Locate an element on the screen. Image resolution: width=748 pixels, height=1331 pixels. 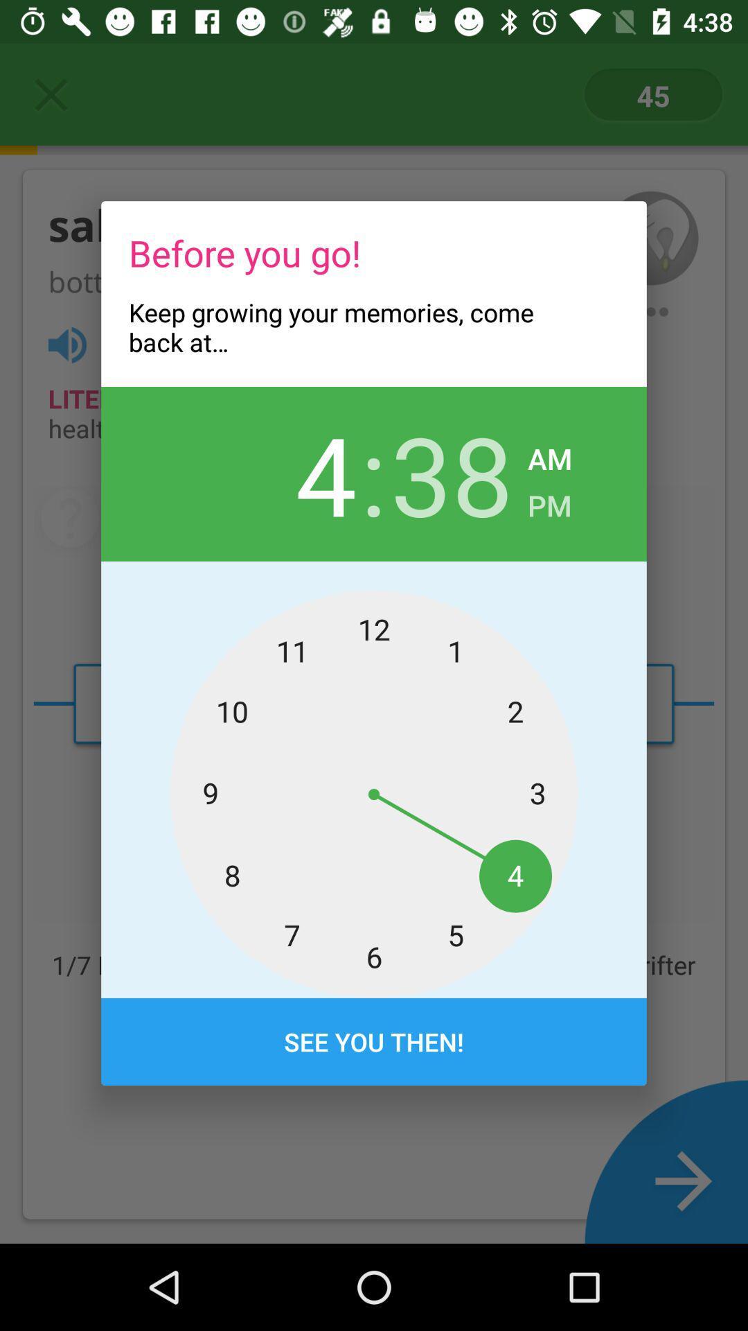
icon next to 38 icon is located at coordinates (549, 455).